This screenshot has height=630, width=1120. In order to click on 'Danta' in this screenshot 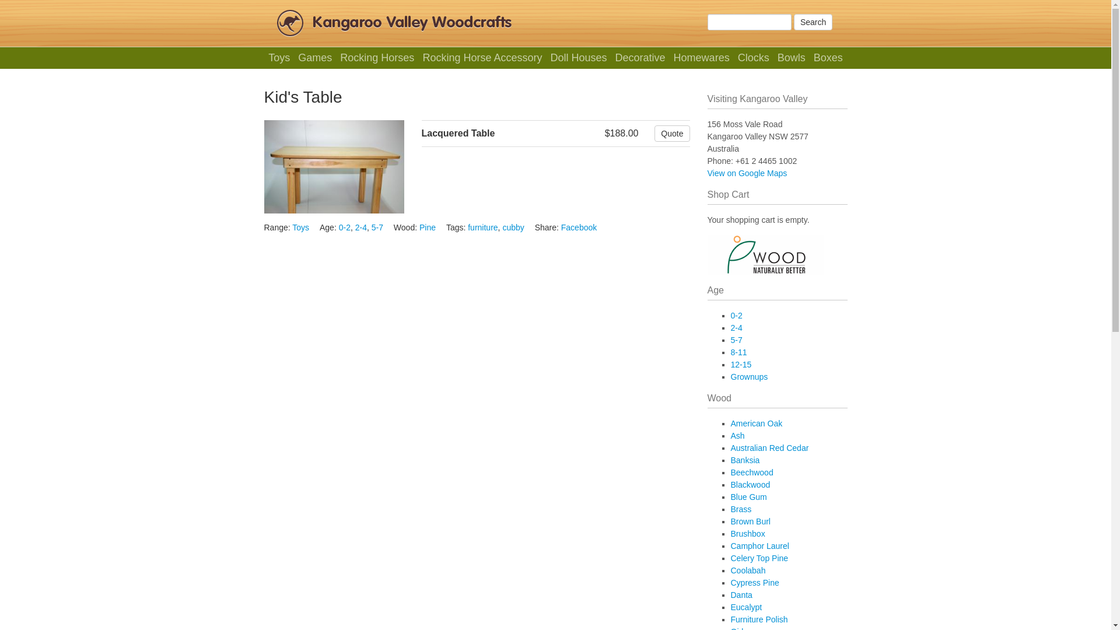, I will do `click(740, 594)`.